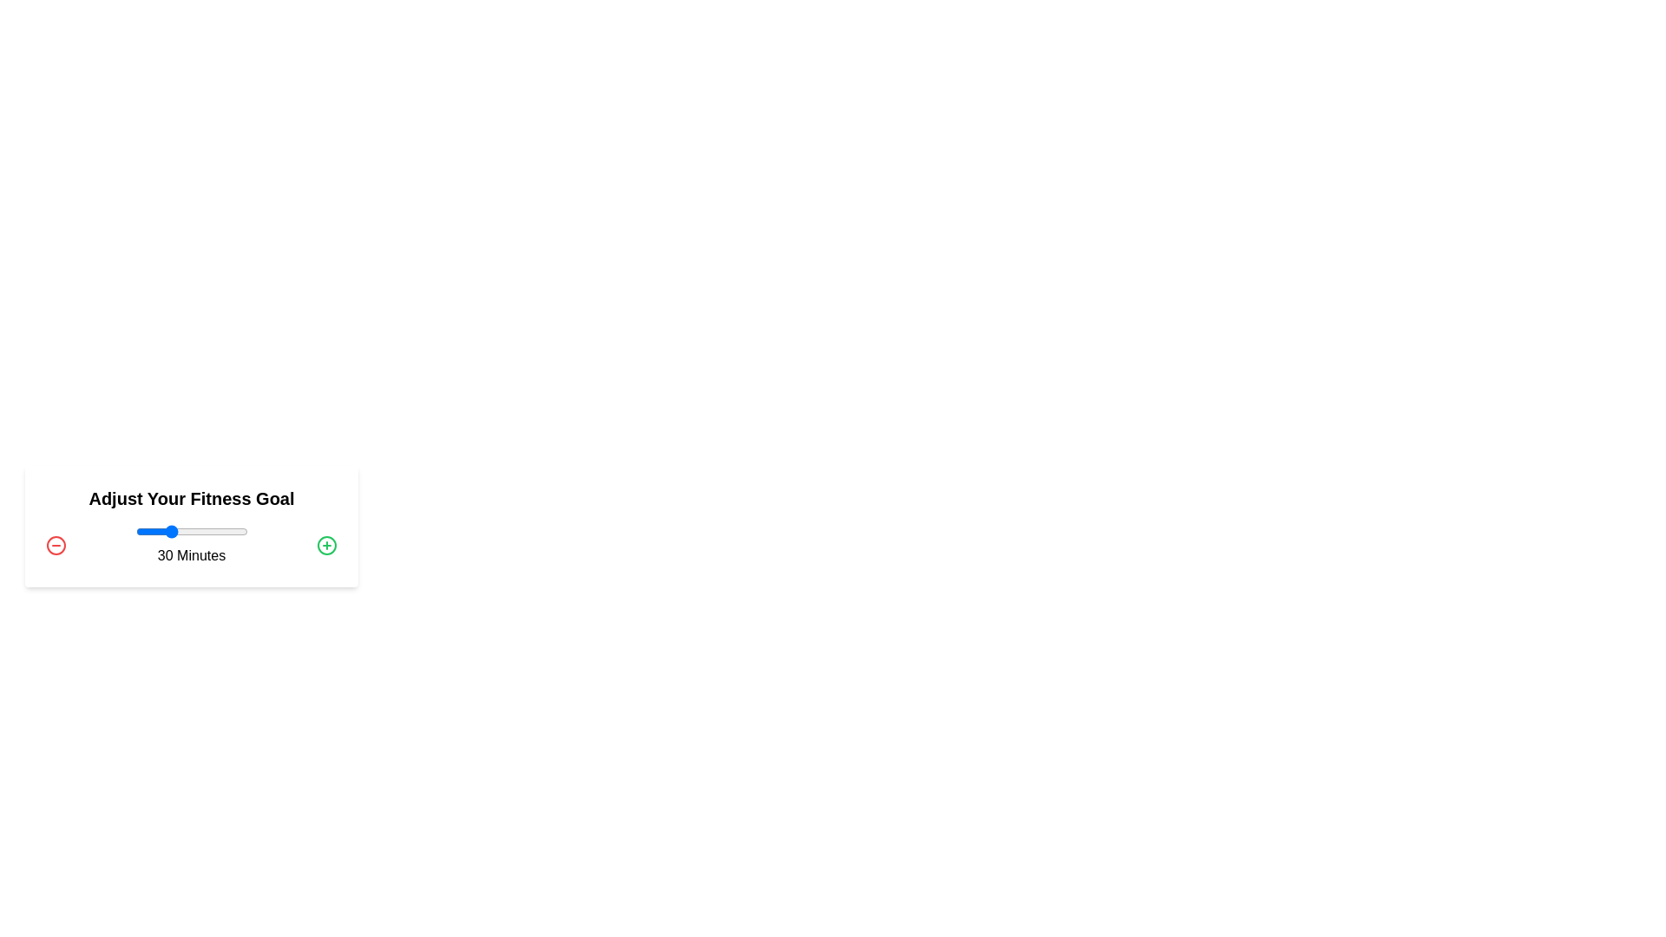 The image size is (1666, 937). What do you see at coordinates (159, 531) in the screenshot?
I see `the slider` at bounding box center [159, 531].